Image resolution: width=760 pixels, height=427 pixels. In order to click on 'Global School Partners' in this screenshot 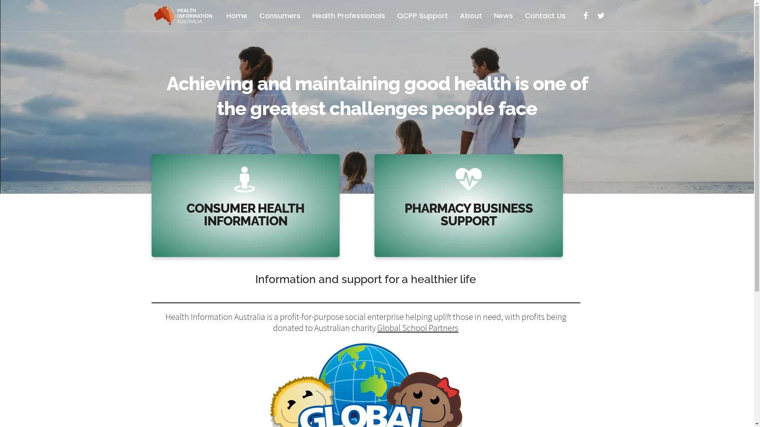, I will do `click(417, 328)`.